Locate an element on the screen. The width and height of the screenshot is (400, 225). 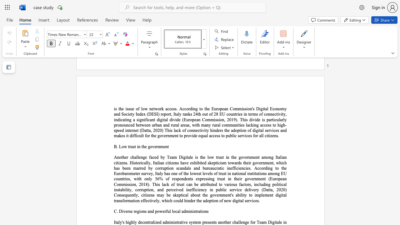
the subset text "espondents expressing trust in thei" within the text "Another challenge faced by Team Digitale is the low trust in the government among Italian citizens. Historically, Italian citizens have exhibited skepticism towards their government, which has been marred by corruption scandals and bureaucratic inefficiencies. According to the Eurobarometer survey, Italy has one of the lowest levels of trust in national institutions among EU countries, with only 36% of respondents expressing trust in their government (European Commission, 2018). This lack of trust can be at" is located at coordinates (173, 179).